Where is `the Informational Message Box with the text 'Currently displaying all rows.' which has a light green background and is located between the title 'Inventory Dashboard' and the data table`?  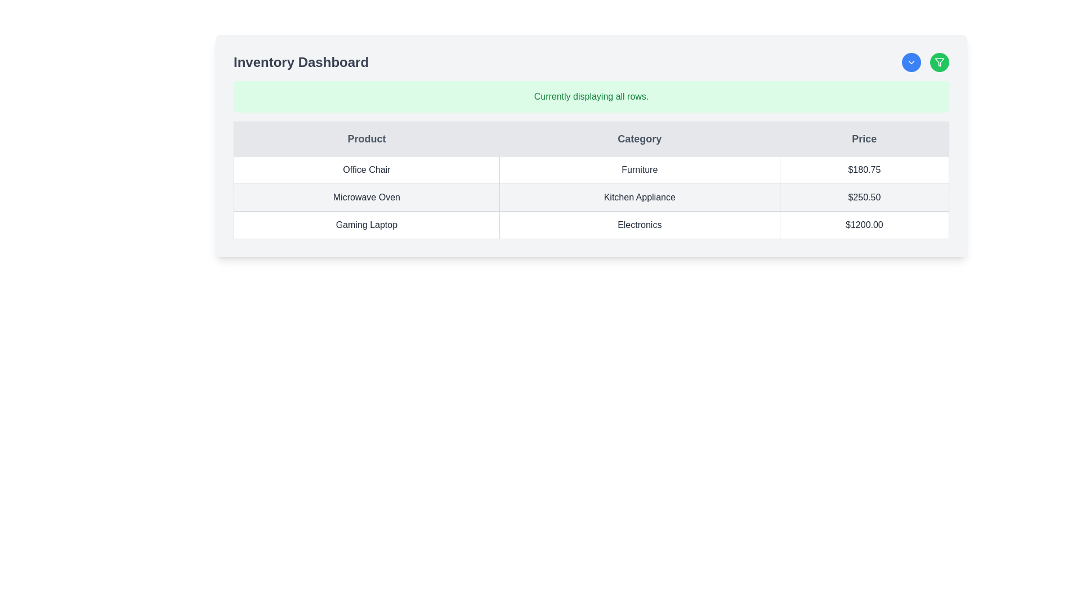 the Informational Message Box with the text 'Currently displaying all rows.' which has a light green background and is located between the title 'Inventory Dashboard' and the data table is located at coordinates (591, 96).